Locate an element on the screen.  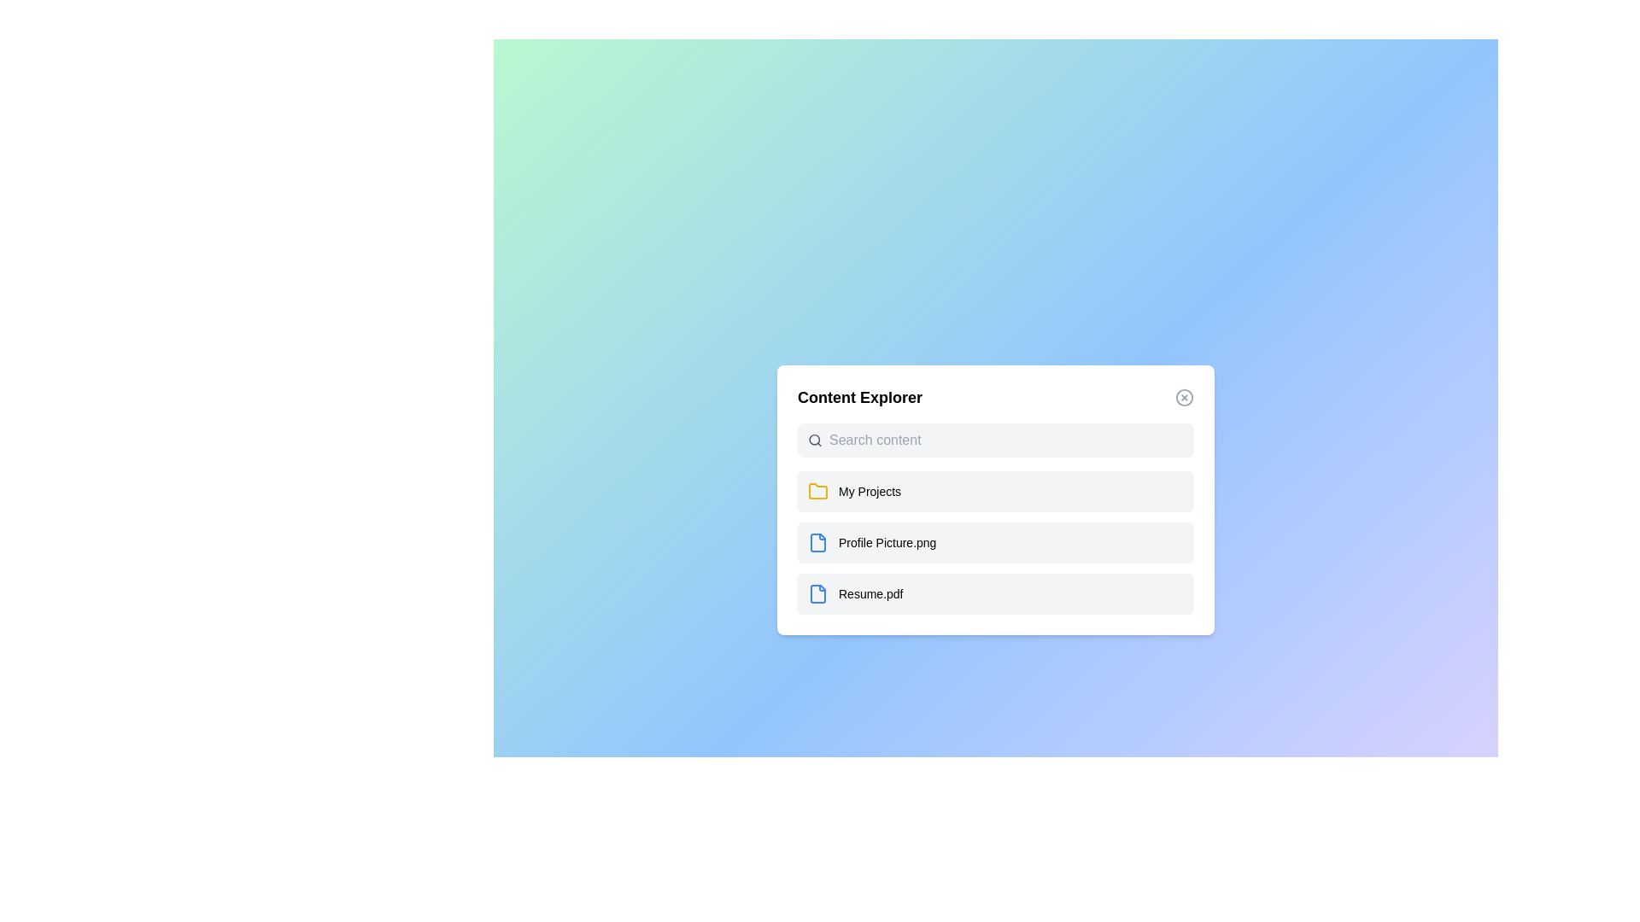
the search input field and type 'example search query' is located at coordinates (1005, 440).